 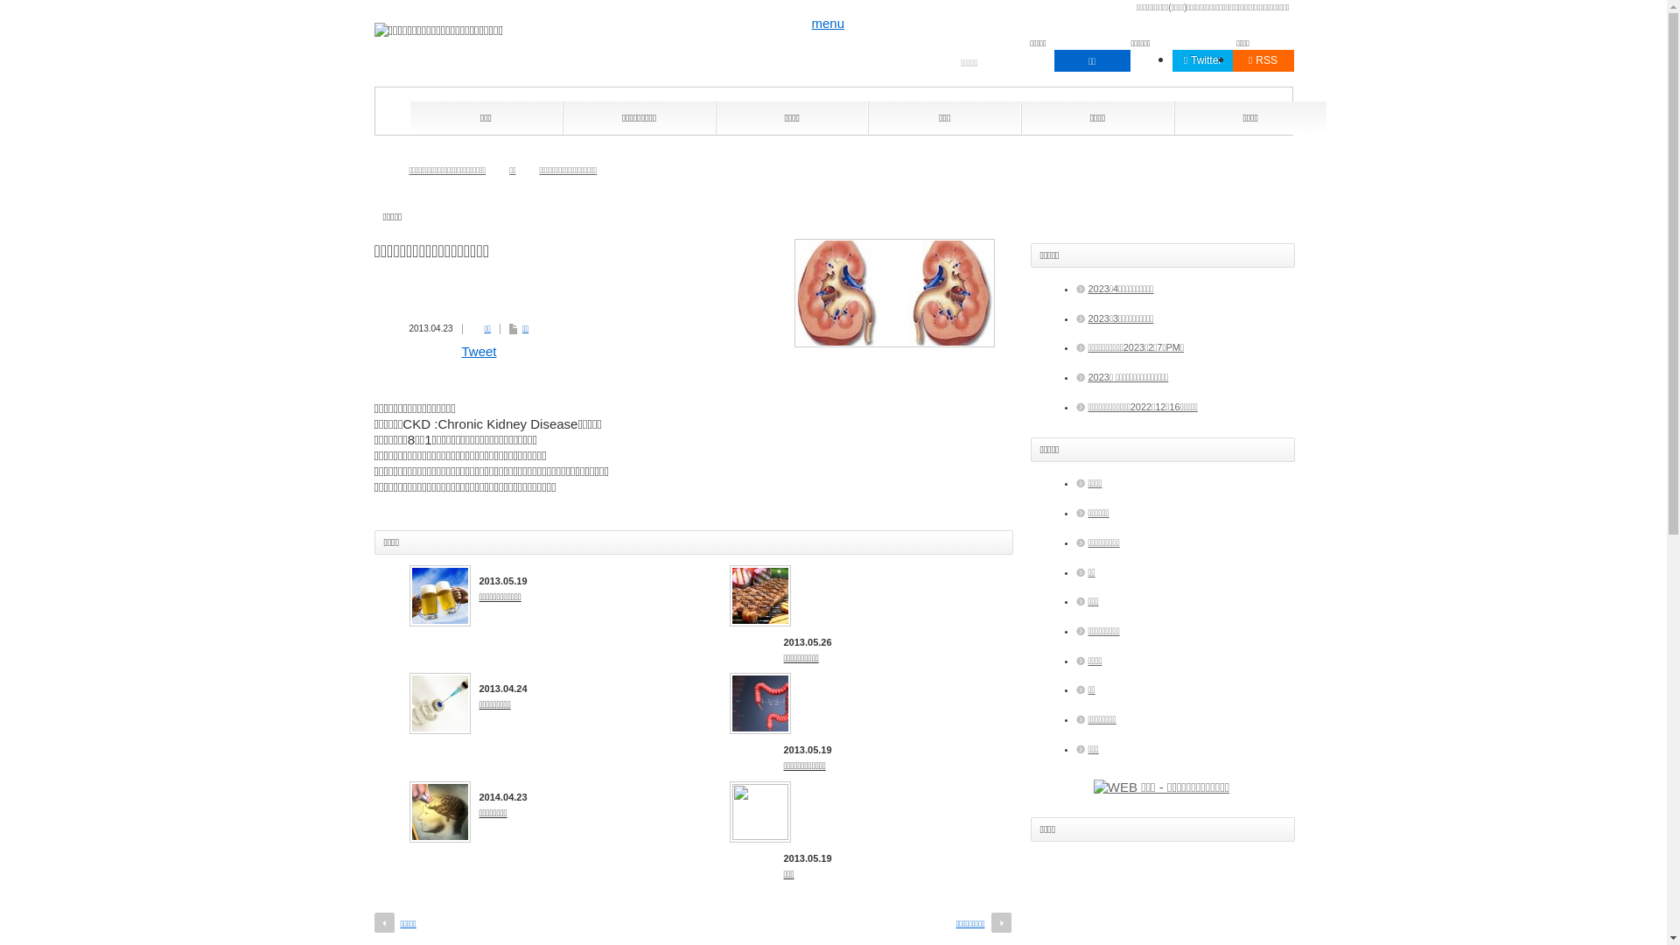 What do you see at coordinates (479, 351) in the screenshot?
I see `'Tweet'` at bounding box center [479, 351].